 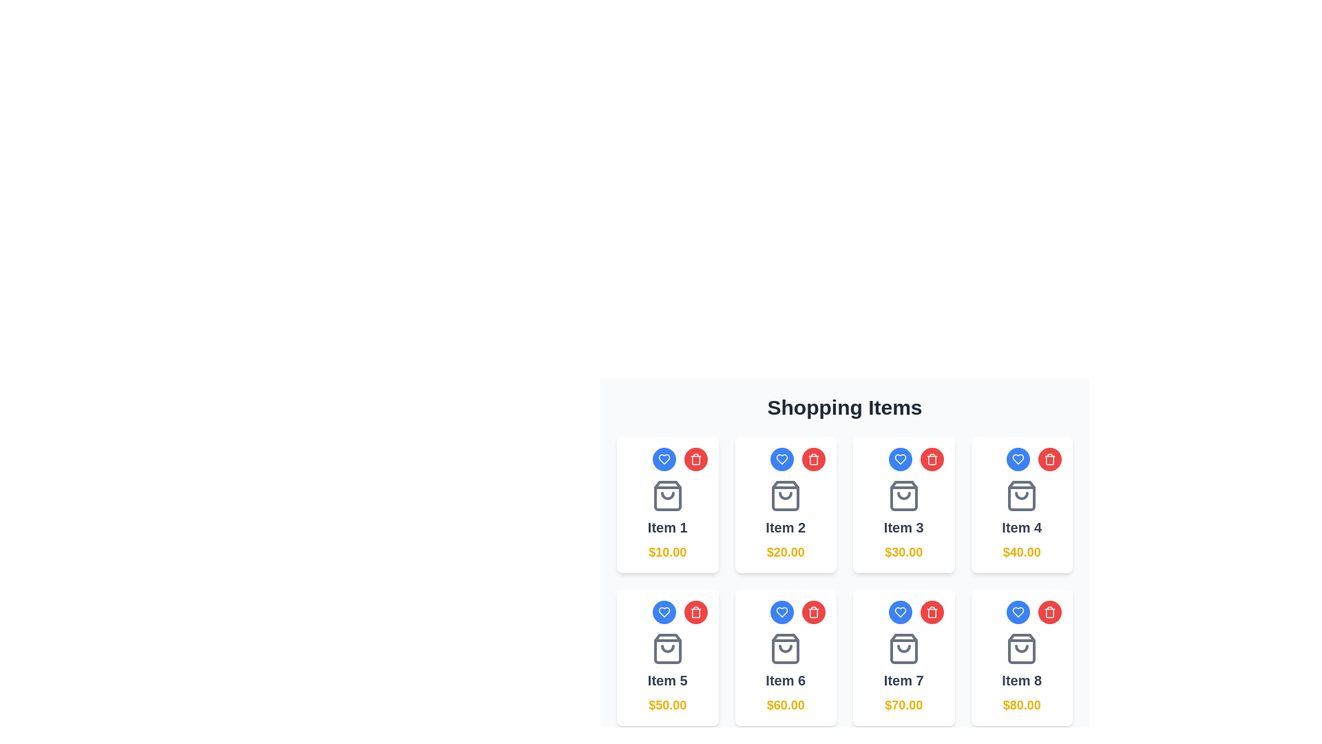 What do you see at coordinates (786, 496) in the screenshot?
I see `the shopping bag icon, which is gray and located in the second column of the first row above 'Item 2' and '$20.00'` at bounding box center [786, 496].